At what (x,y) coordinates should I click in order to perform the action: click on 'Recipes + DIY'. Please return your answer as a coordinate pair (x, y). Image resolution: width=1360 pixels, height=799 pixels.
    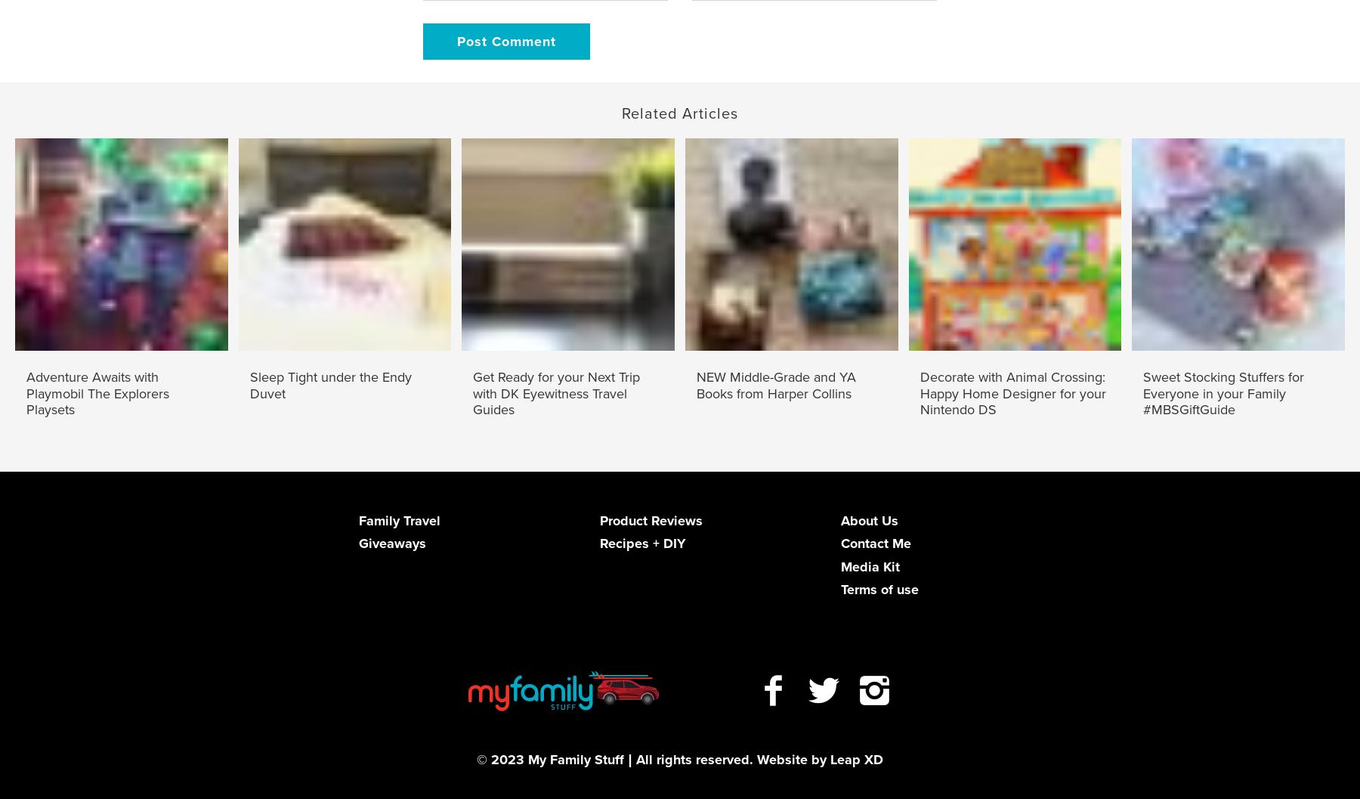
    Looking at the image, I should click on (641, 542).